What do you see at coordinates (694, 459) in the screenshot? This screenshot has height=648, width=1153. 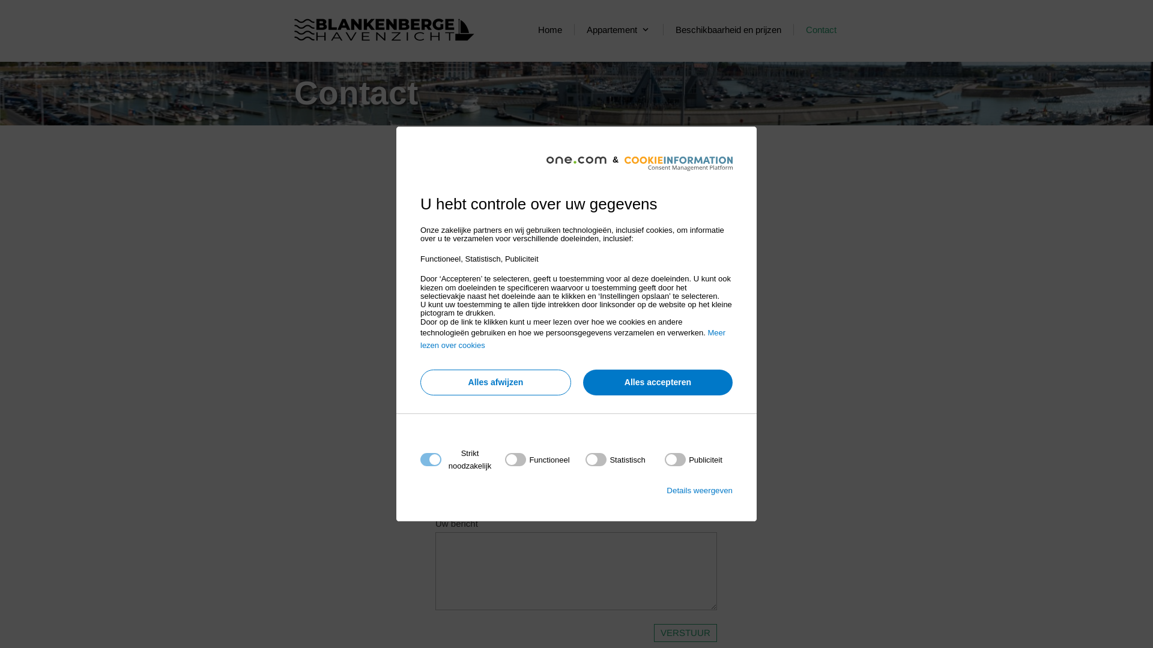 I see `'on'` at bounding box center [694, 459].